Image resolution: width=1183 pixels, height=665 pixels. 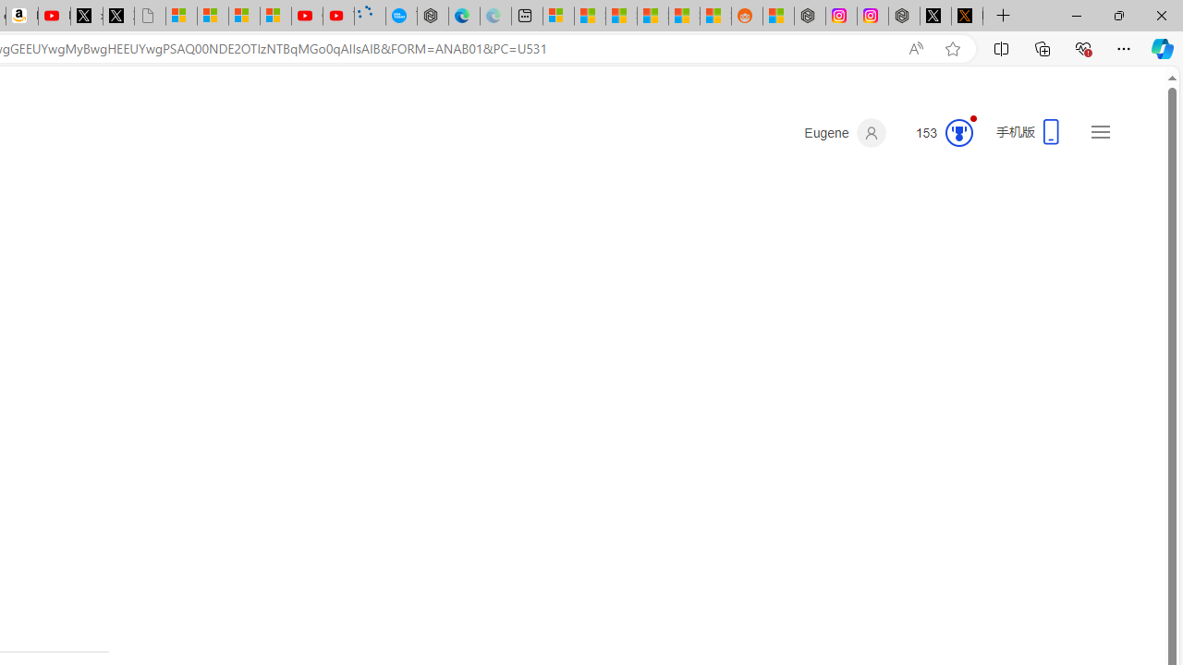 What do you see at coordinates (1043, 47) in the screenshot?
I see `'Collections'` at bounding box center [1043, 47].